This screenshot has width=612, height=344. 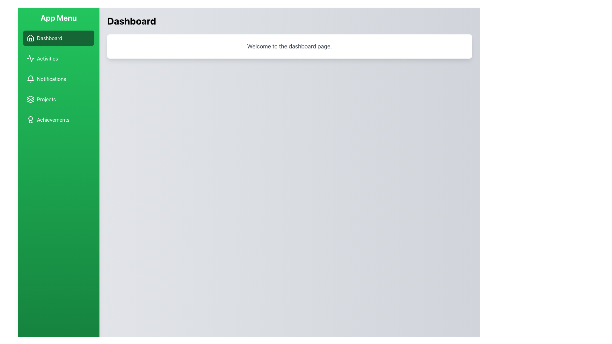 I want to click on the 'Activities' text label located in the sidebar menu under the 'Dashboard' option for tooltip or emphasis, so click(x=47, y=59).